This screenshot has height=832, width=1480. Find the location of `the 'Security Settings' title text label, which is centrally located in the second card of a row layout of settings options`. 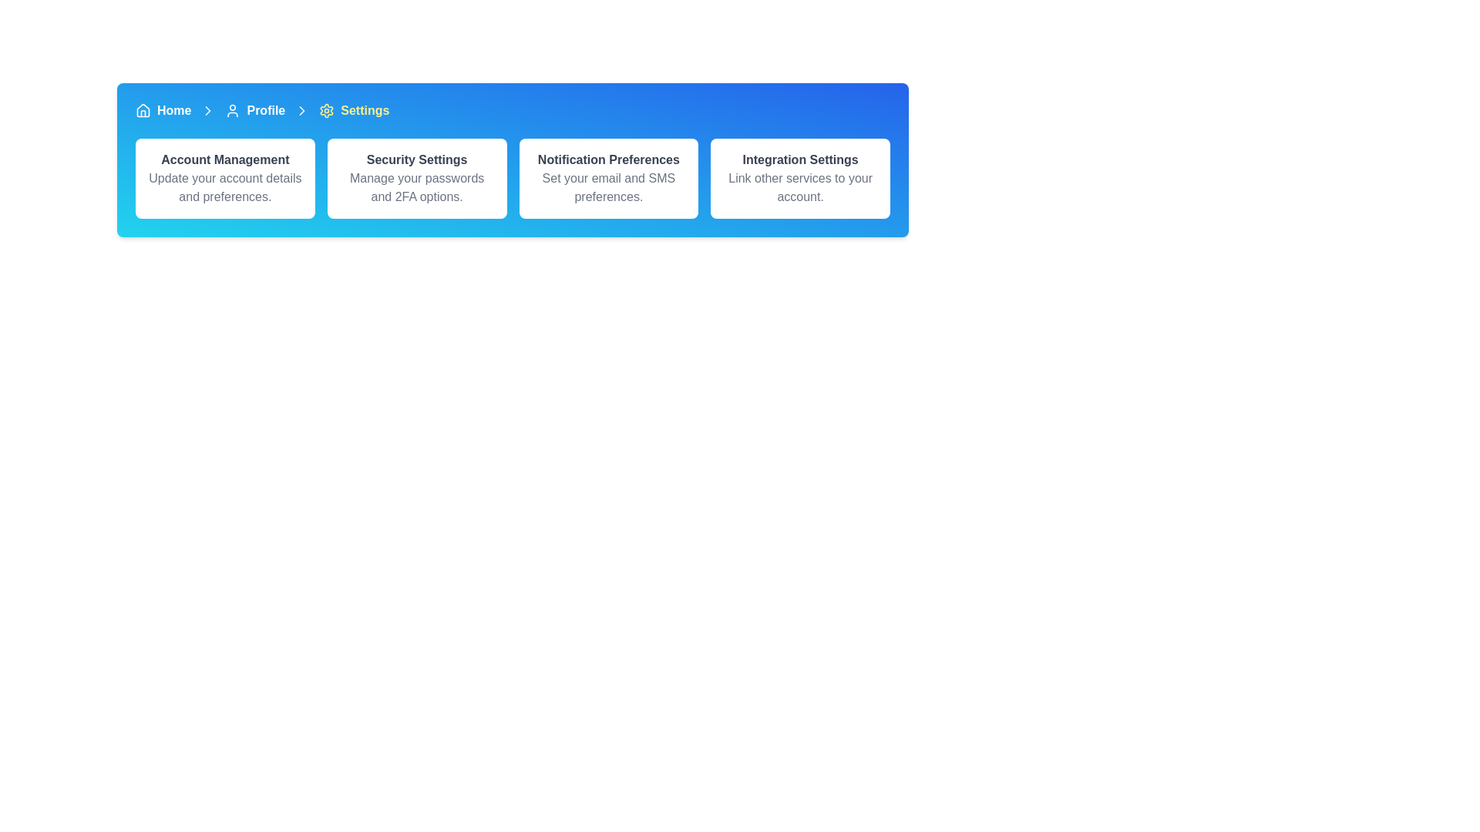

the 'Security Settings' title text label, which is centrally located in the second card of a row layout of settings options is located at coordinates (417, 160).